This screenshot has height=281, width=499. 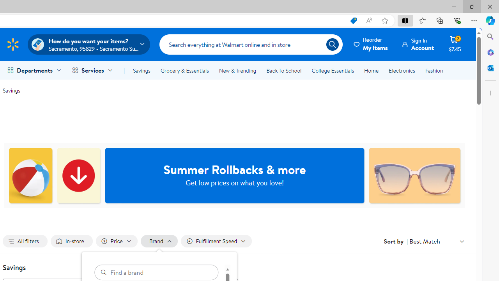 What do you see at coordinates (455, 44) in the screenshot?
I see `'Cart contains 2 items Total Amount $7.45'` at bounding box center [455, 44].